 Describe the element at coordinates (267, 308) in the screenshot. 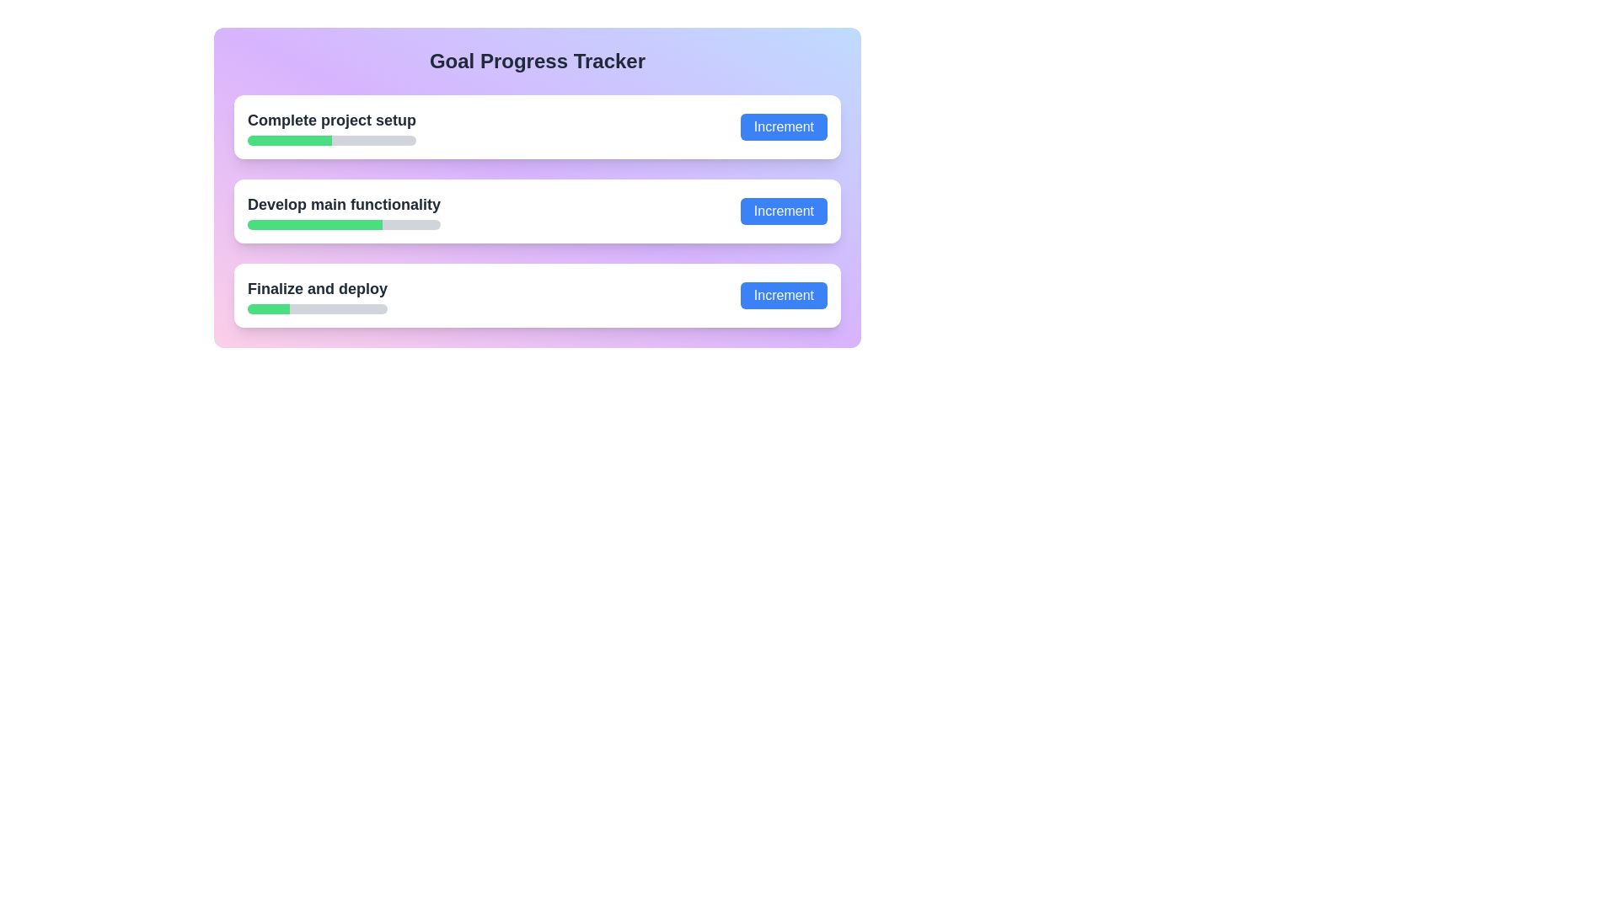

I see `the green filled portion of the progress bar segment representing the task 'Finalize and deploy' in the 'Goal Progress Tracker' interface` at that location.